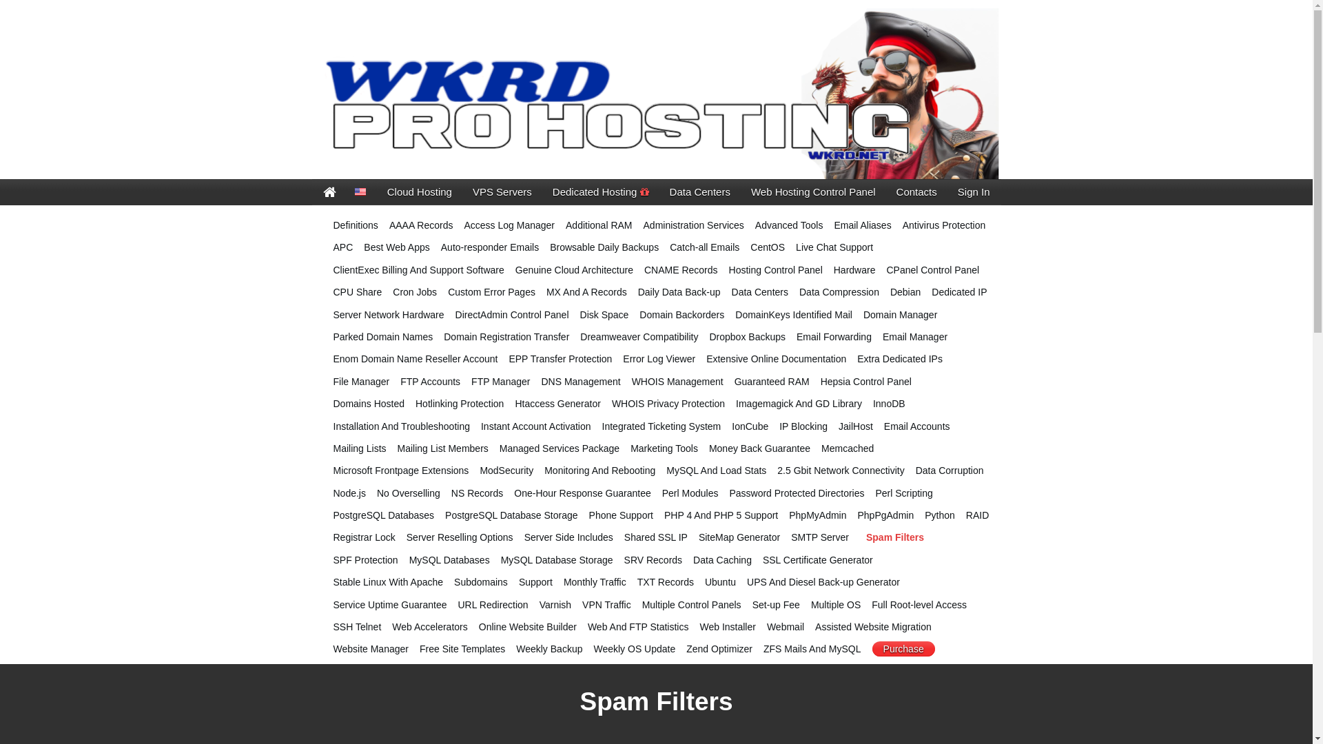  Describe the element at coordinates (369, 403) in the screenshot. I see `'Domains Hosted'` at that location.